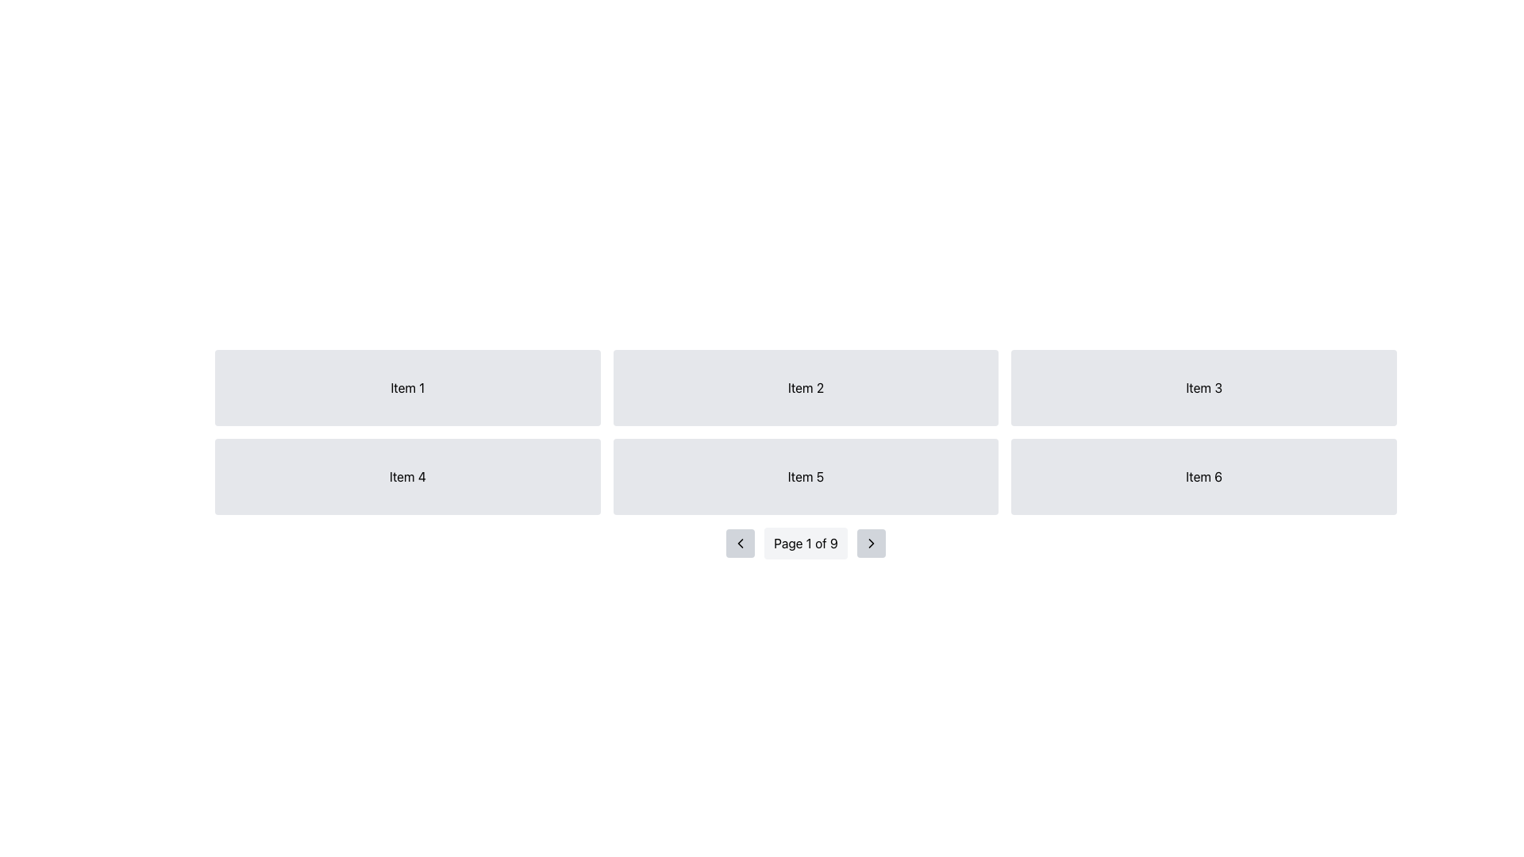 The width and height of the screenshot is (1524, 857). I want to click on the static text display that shows 'Page 1 of 9', which is centrally located in the bottom navigation section of the pagination control, so click(806, 543).